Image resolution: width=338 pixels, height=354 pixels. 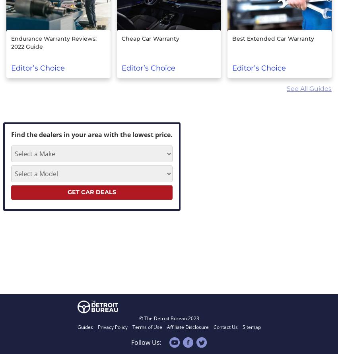 What do you see at coordinates (232, 38) in the screenshot?
I see `'Best Extended Car Warranty'` at bounding box center [232, 38].